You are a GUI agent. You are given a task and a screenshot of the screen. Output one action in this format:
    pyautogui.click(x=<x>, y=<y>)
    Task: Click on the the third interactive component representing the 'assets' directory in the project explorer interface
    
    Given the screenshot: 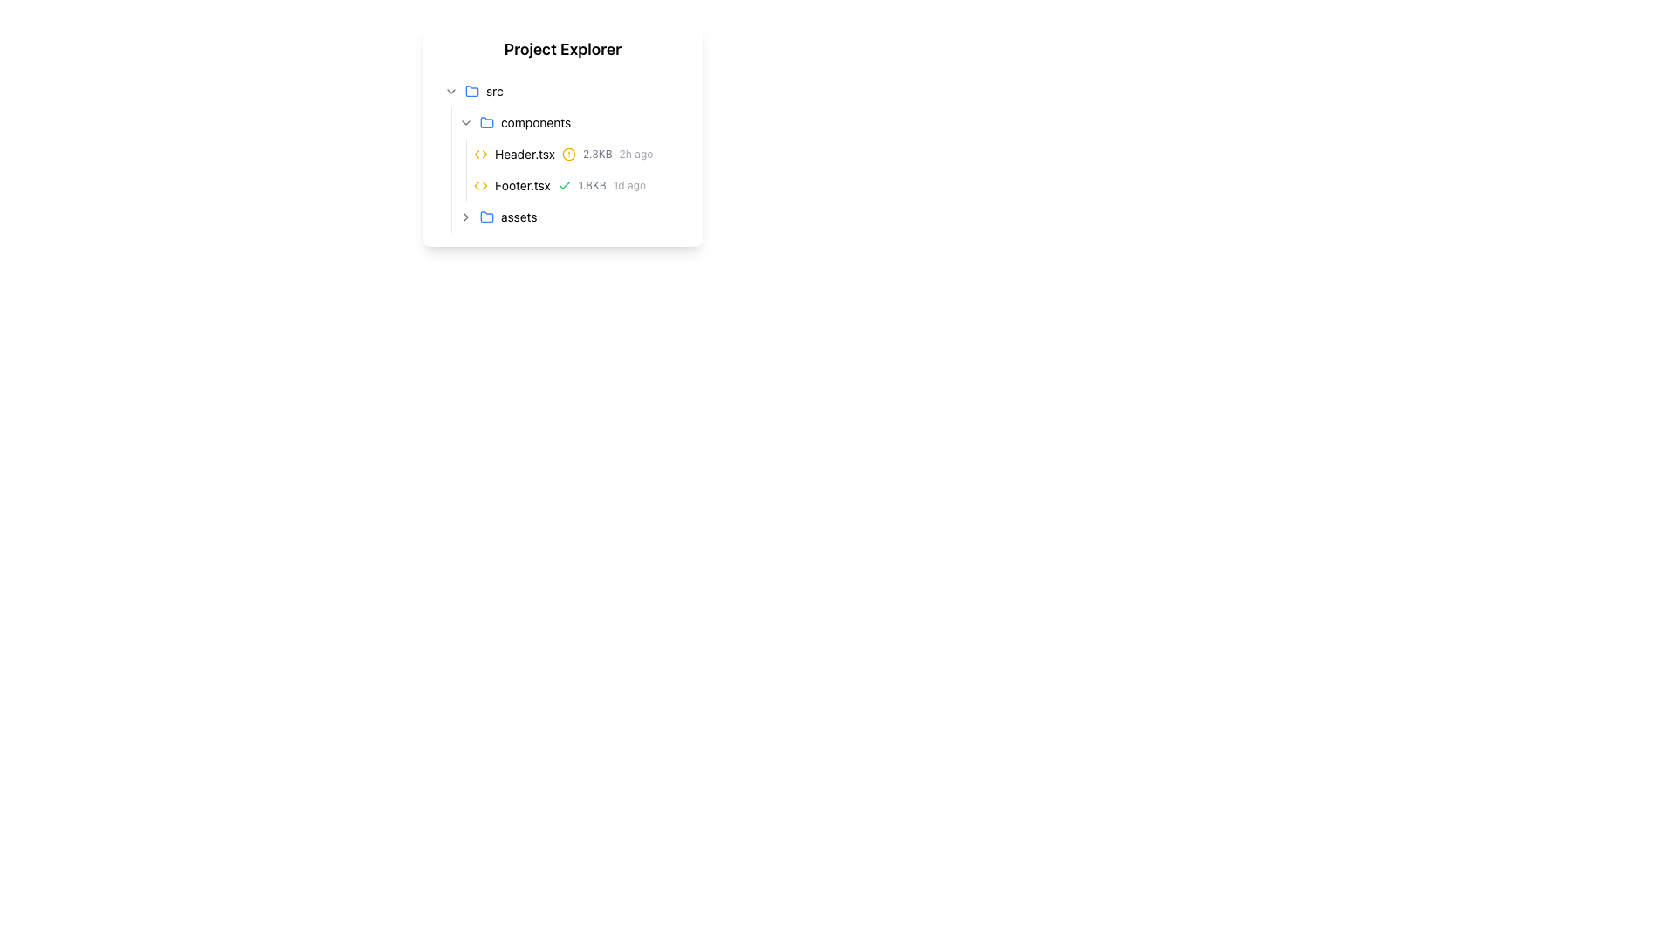 What is the action you would take?
    pyautogui.click(x=486, y=217)
    